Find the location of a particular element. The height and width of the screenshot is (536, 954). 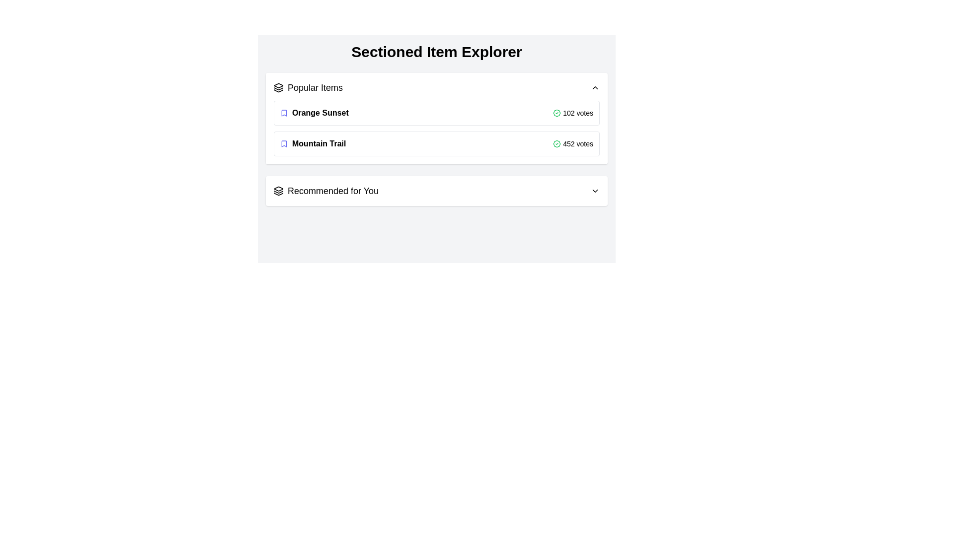

the icon resembling a stack of layers, which is located to the left of the text 'Recommended for You' in the header section below 'Popular Items' is located at coordinates (278, 191).